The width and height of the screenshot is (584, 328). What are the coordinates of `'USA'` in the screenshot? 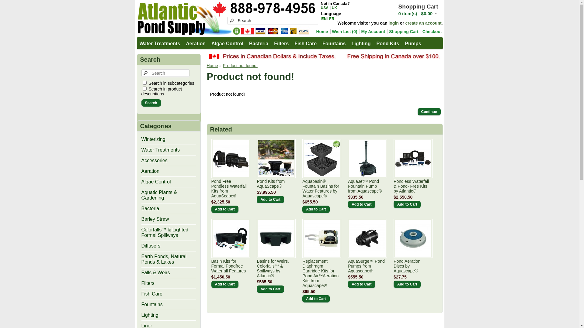 It's located at (324, 8).